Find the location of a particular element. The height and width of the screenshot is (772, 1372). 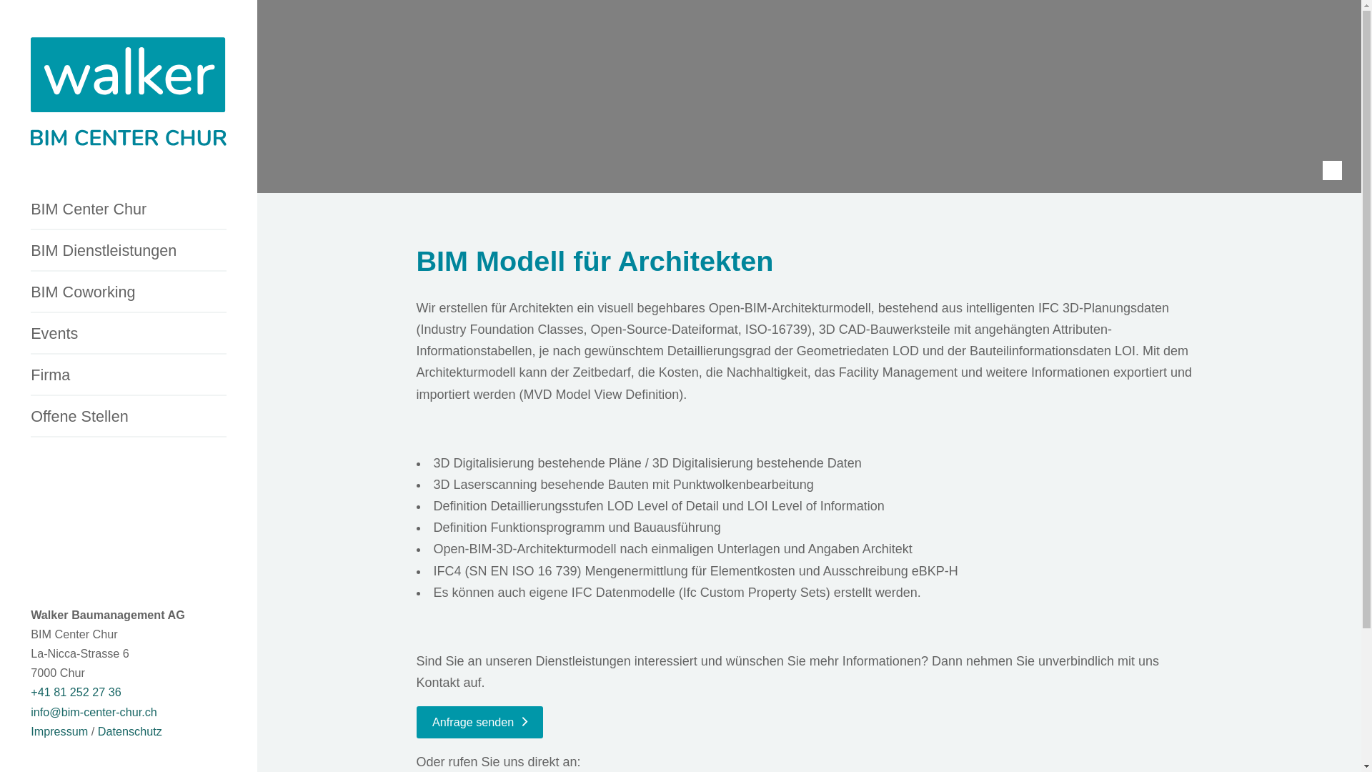

'info@bim-center-chur.ch' is located at coordinates (93, 711).